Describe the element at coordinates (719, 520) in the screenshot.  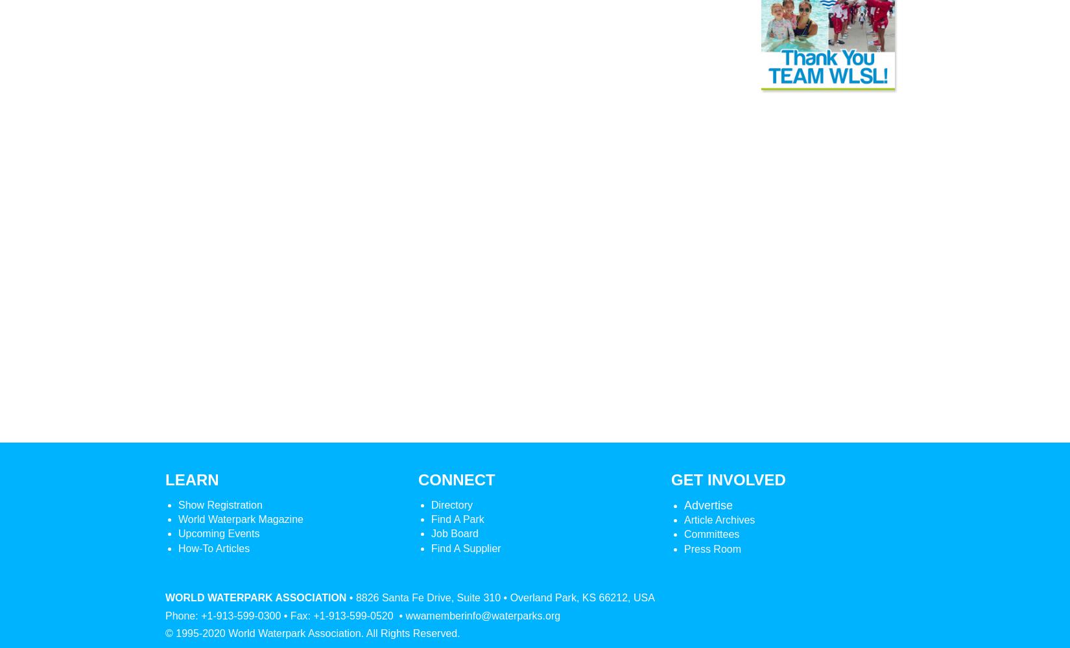
I see `'Article Archives'` at that location.